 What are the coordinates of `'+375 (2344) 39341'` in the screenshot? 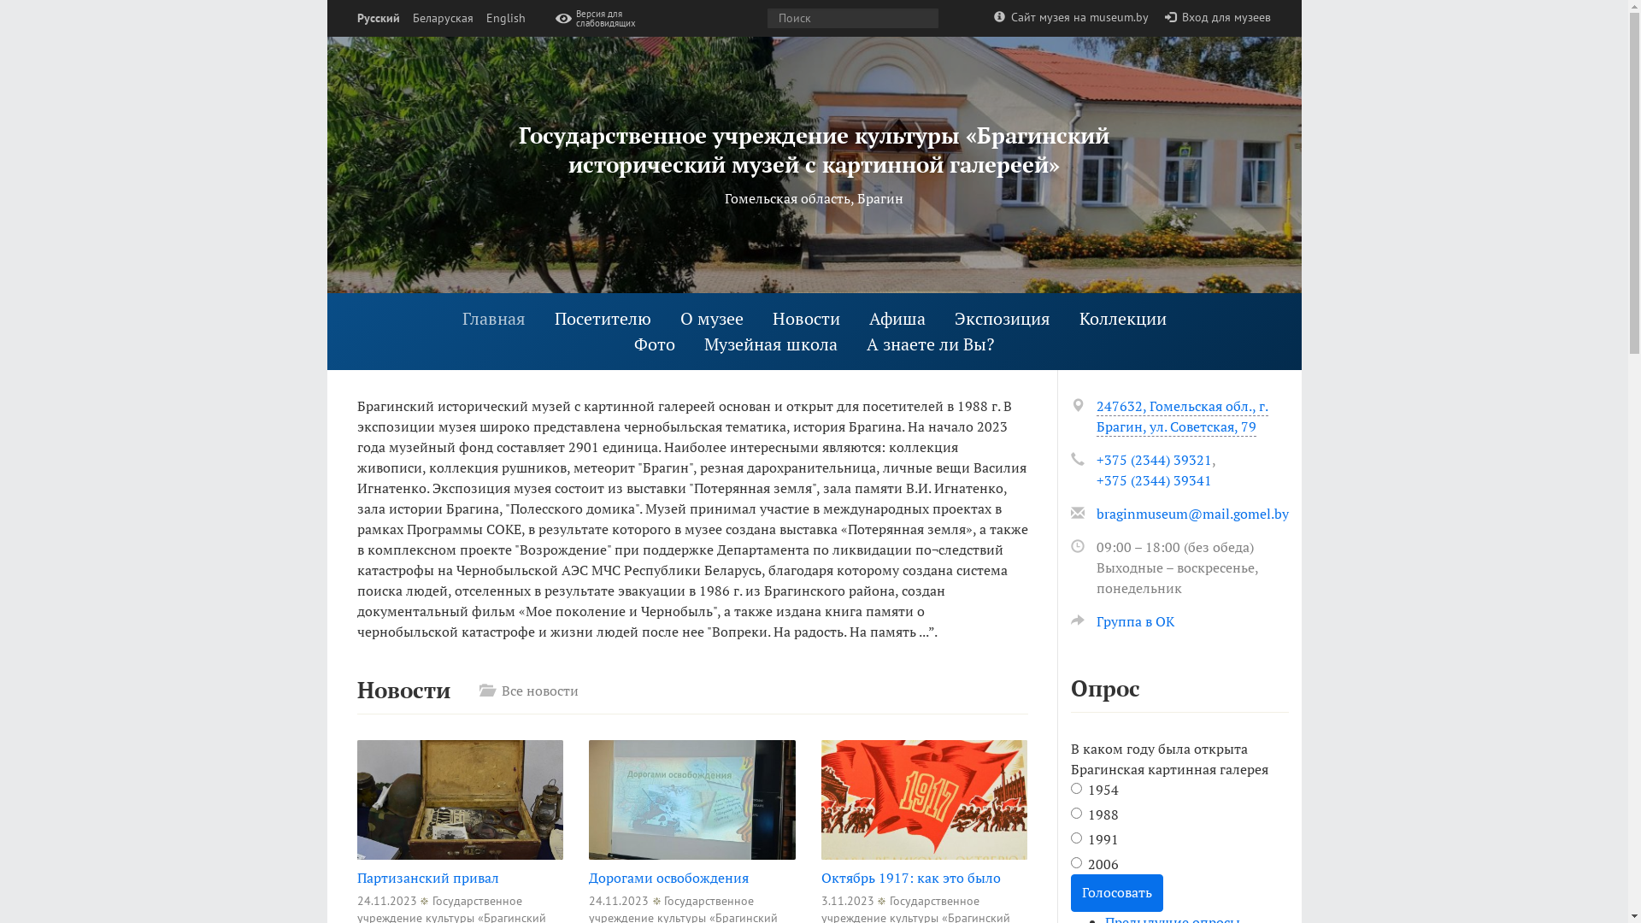 It's located at (1153, 480).